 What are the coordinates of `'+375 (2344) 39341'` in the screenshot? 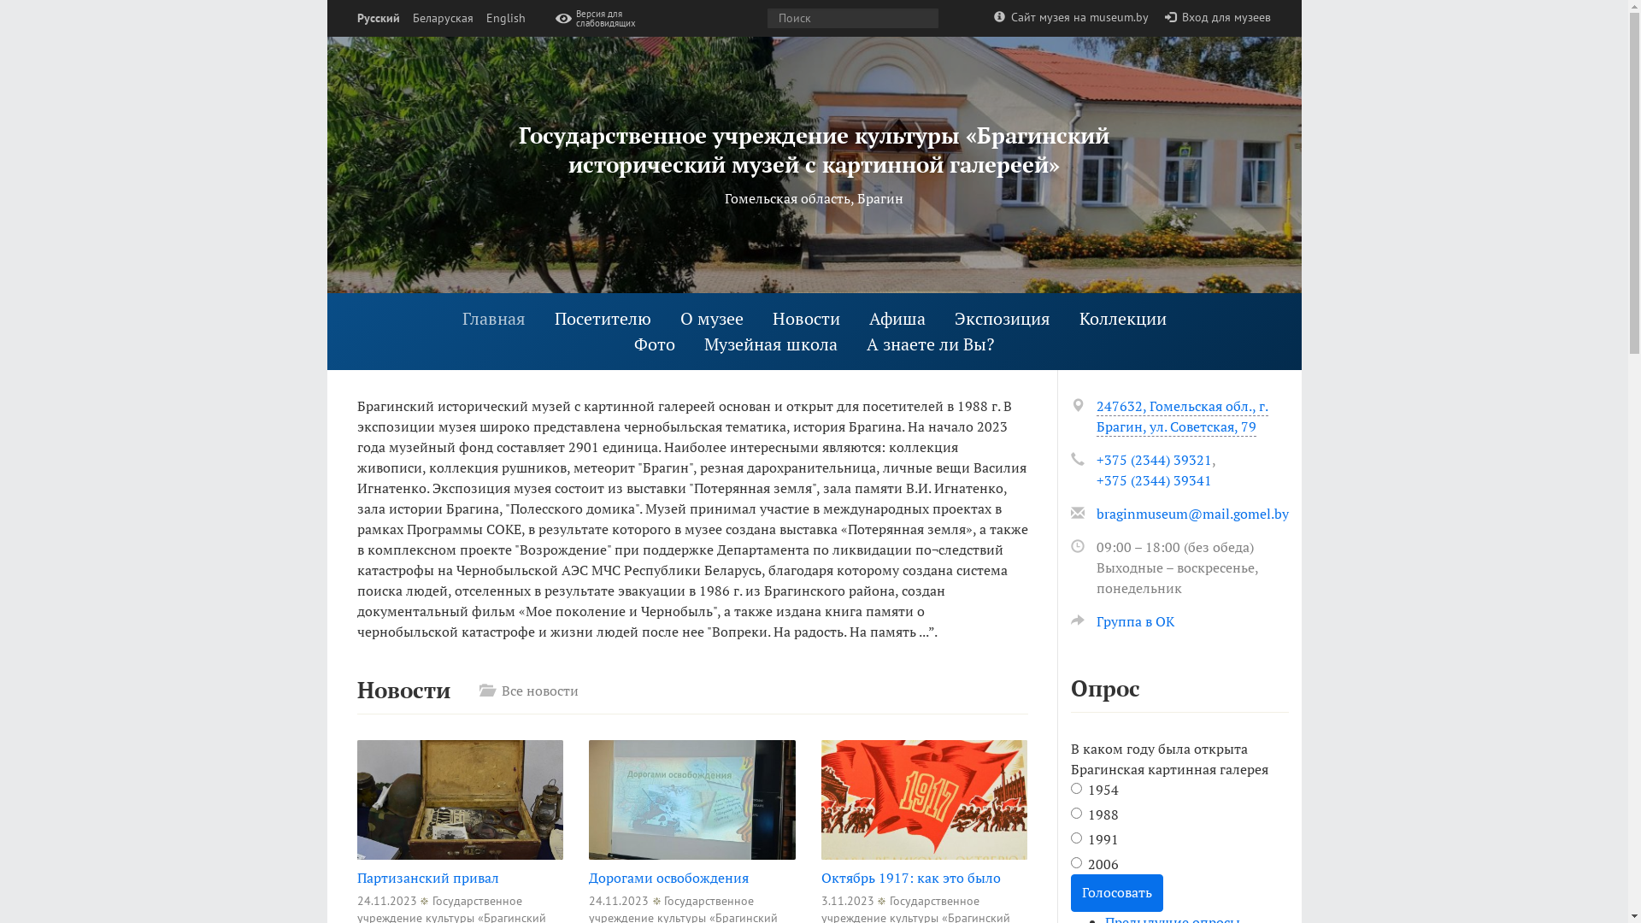 It's located at (1153, 480).